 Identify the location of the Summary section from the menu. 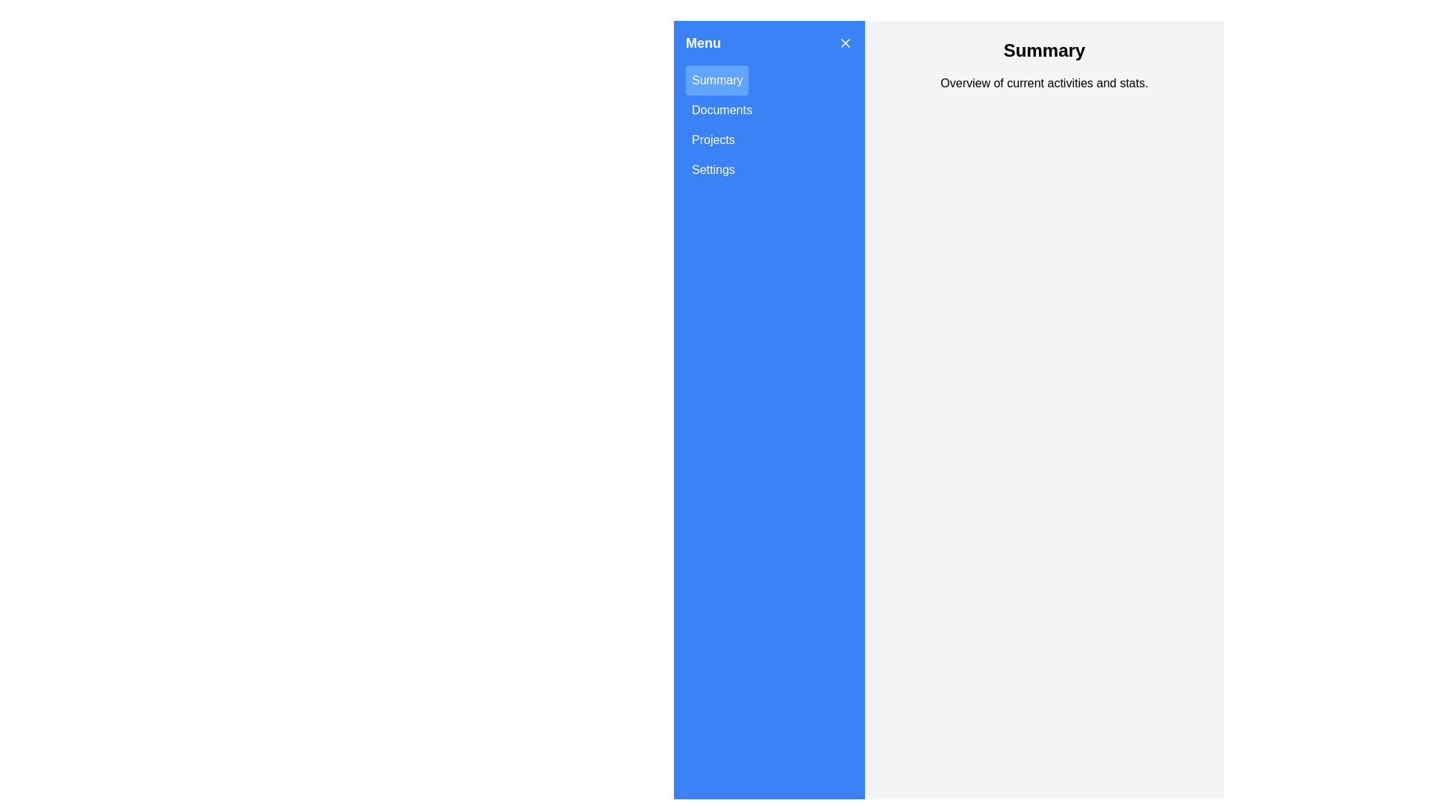
(716, 81).